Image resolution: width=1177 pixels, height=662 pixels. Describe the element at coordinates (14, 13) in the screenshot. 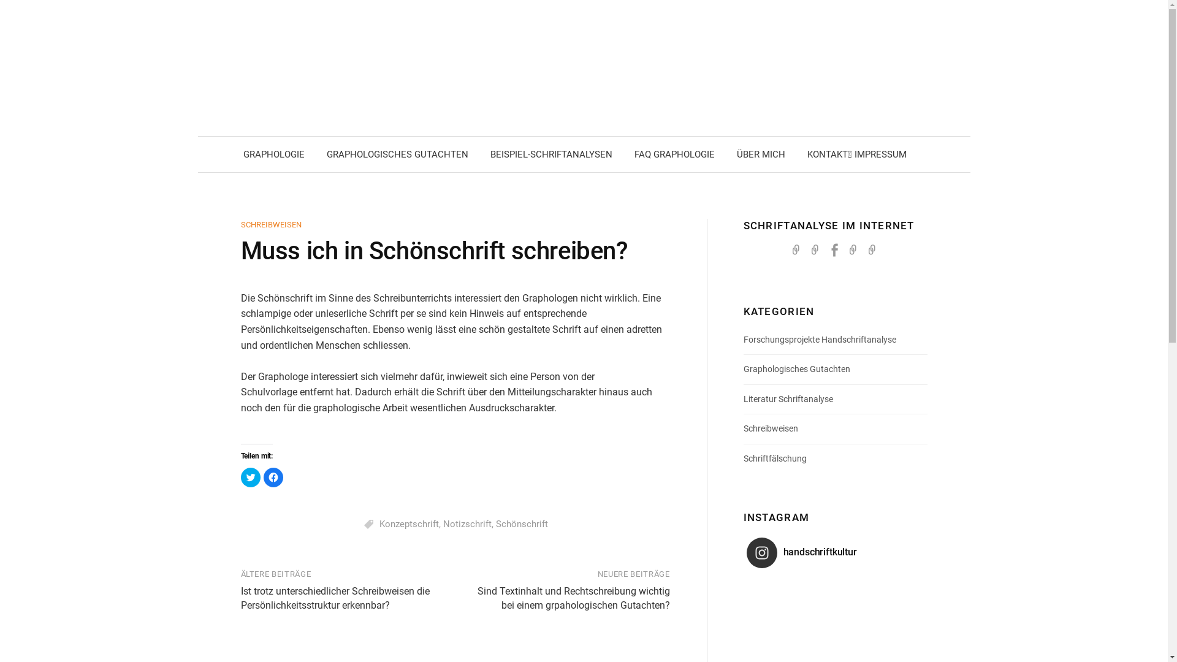

I see `'Suche'` at that location.